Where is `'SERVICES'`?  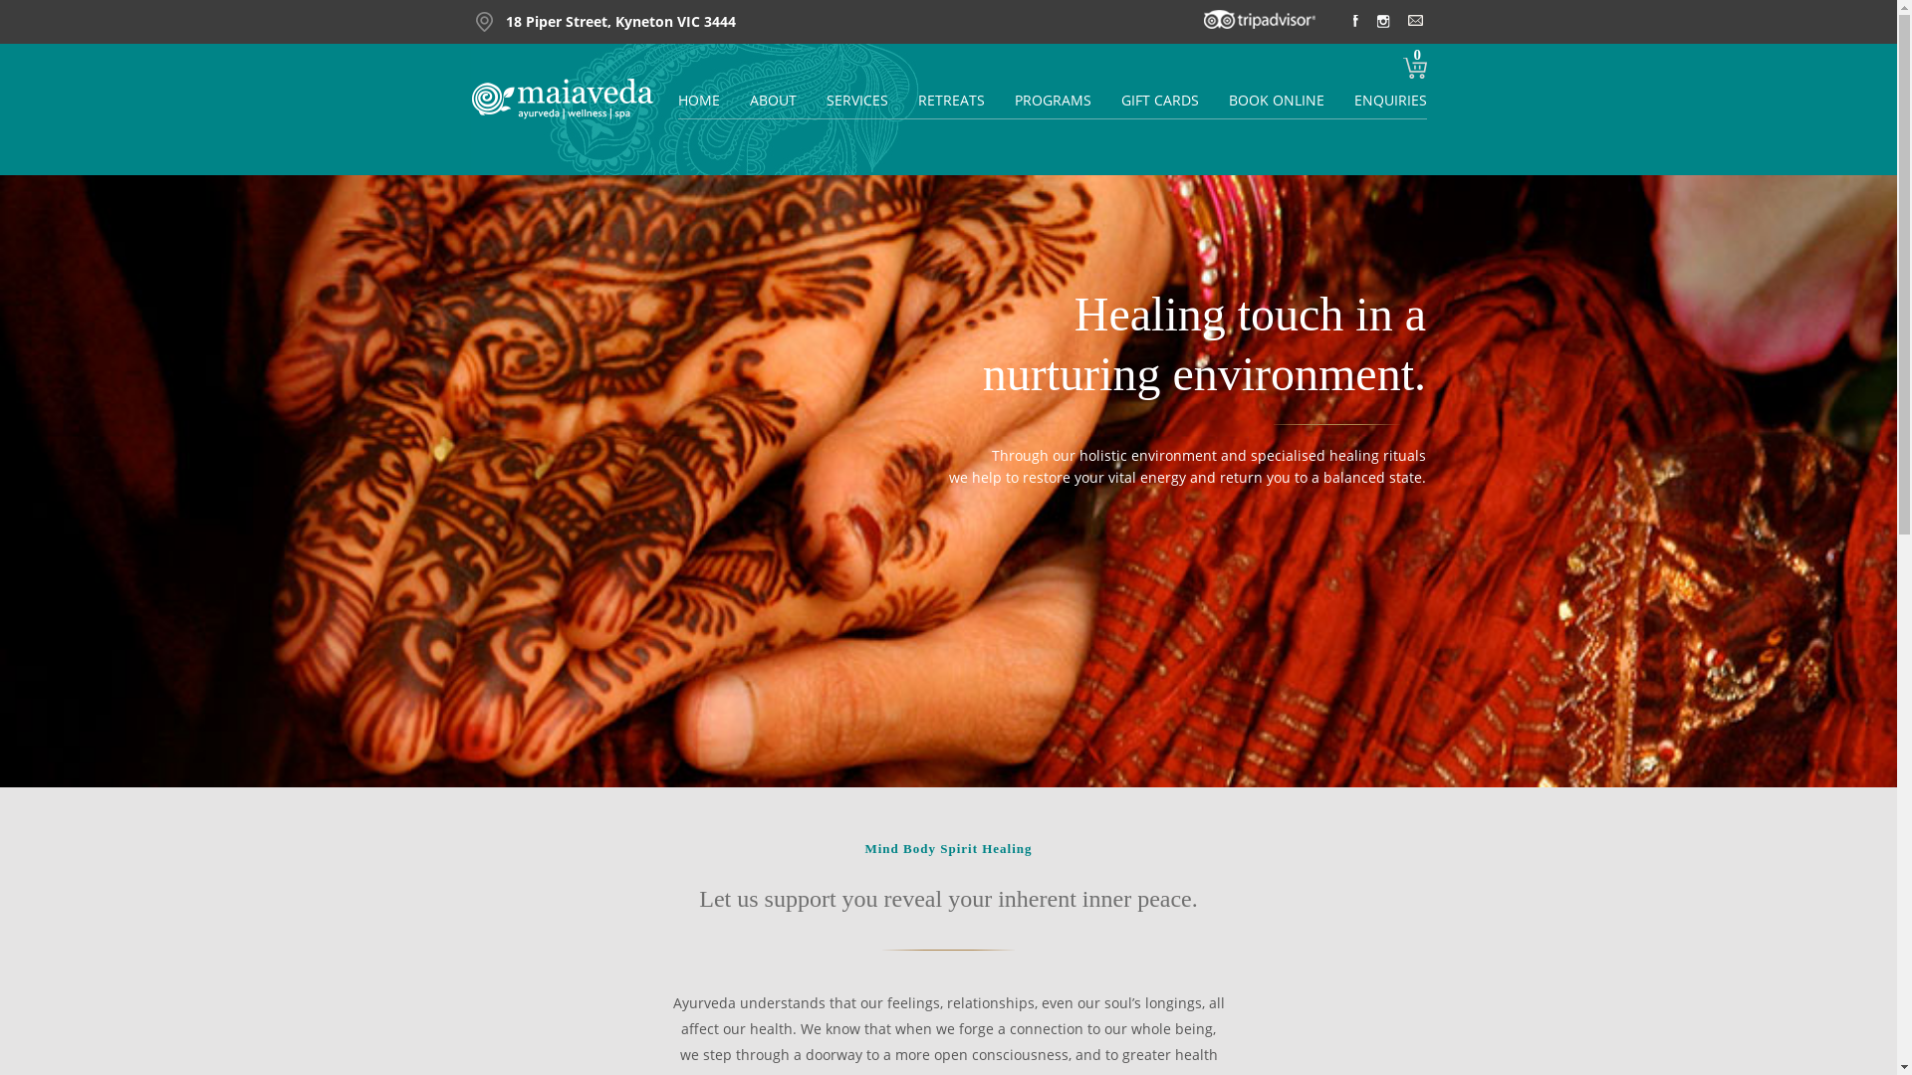 'SERVICES' is located at coordinates (856, 100).